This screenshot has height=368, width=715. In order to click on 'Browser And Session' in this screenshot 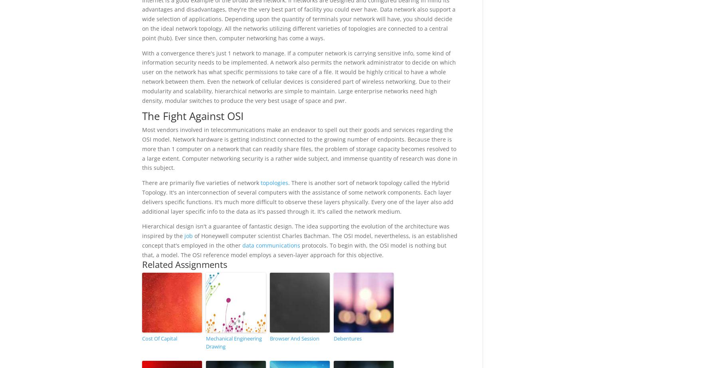, I will do `click(269, 337)`.